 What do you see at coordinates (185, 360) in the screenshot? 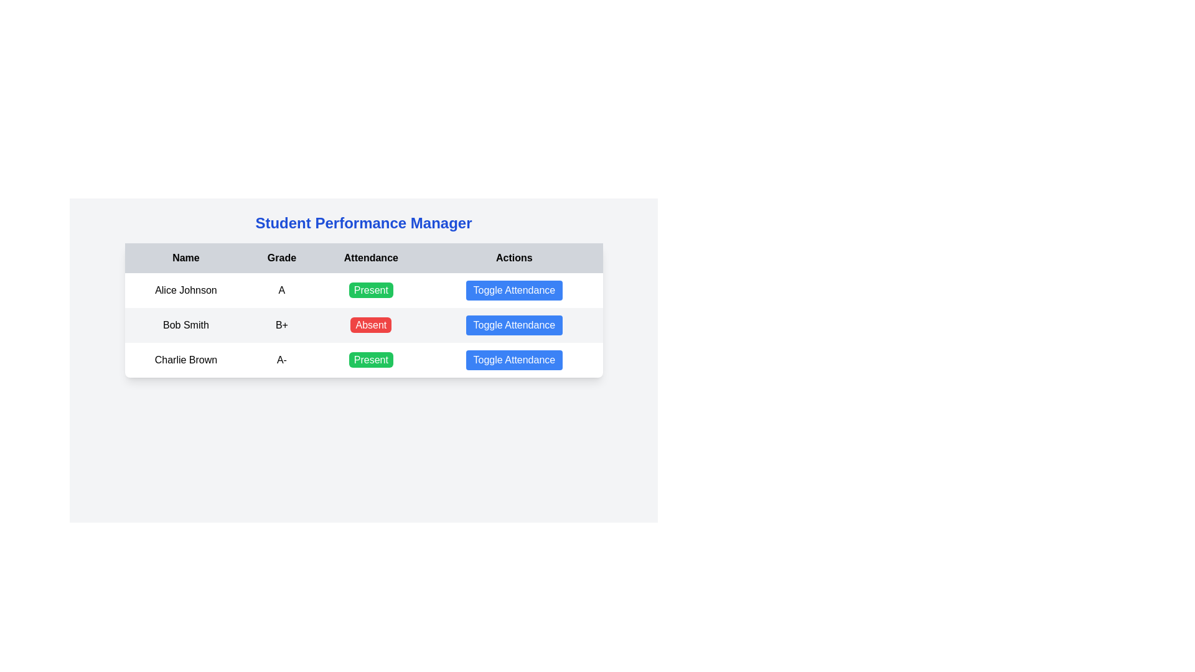
I see `the text label 'Charlie Brown' located in the first column and third row of a table, which is displayed in a bold font style and centered horizontally` at bounding box center [185, 360].